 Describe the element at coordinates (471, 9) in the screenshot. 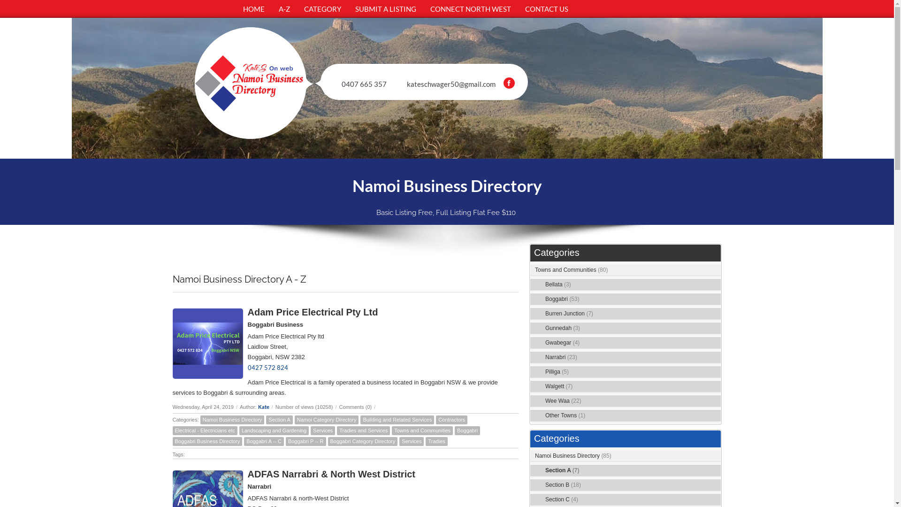

I see `'CONNECT NORTH WEST'` at that location.